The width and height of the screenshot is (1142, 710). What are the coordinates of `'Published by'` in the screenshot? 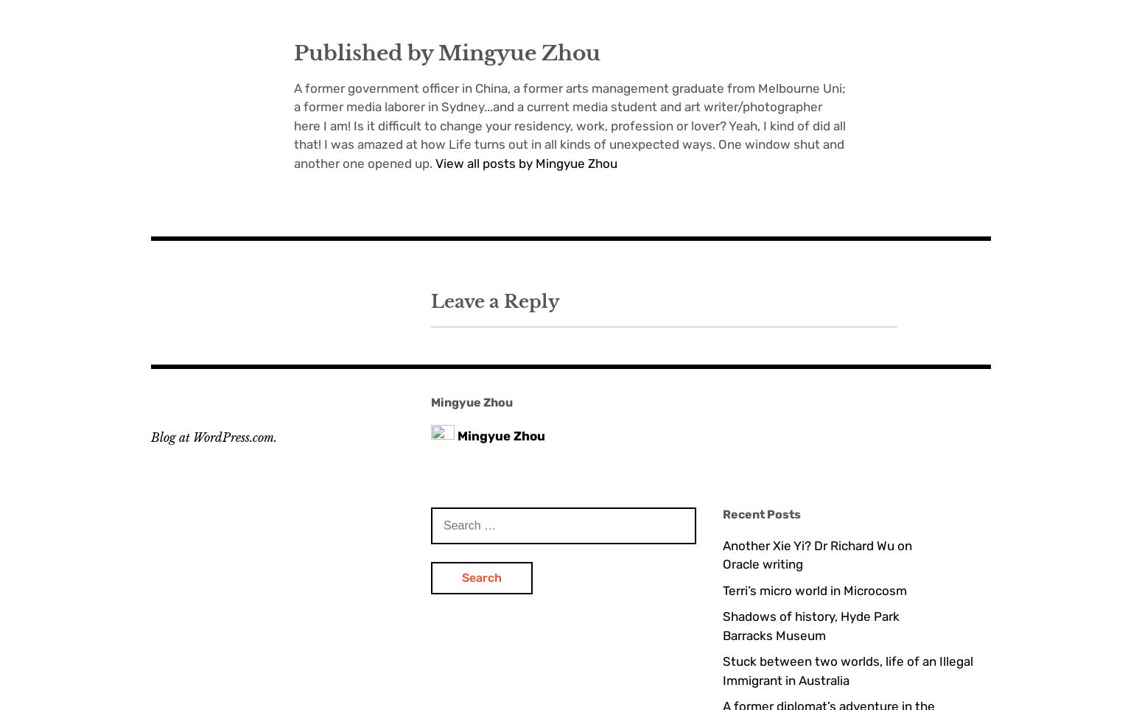 It's located at (365, 52).